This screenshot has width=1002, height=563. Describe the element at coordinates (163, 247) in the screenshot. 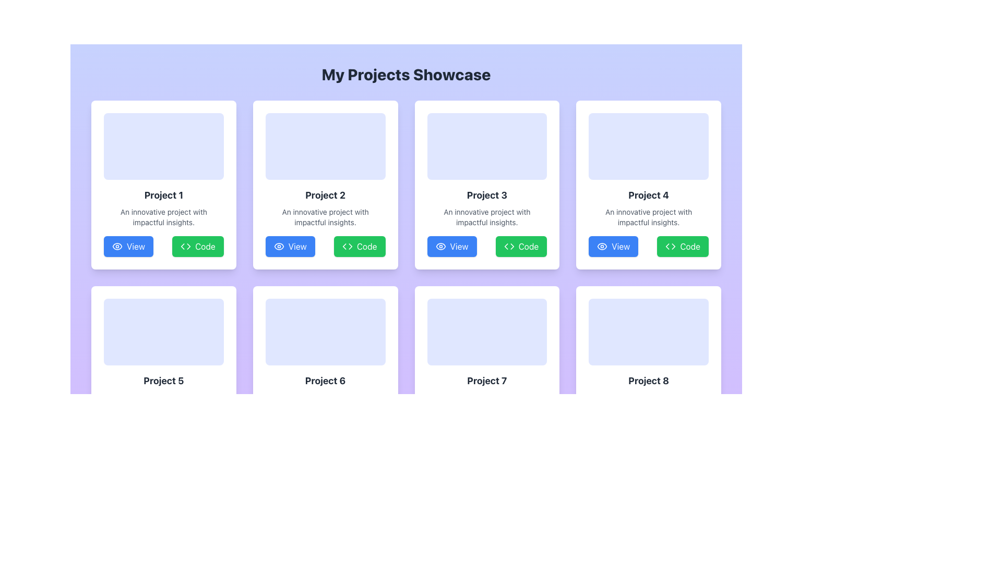

I see `the 'Code' button, which is part of the composite UI component with two buttons and a decorative dot, located in the bottom section of the 'Project 1' card` at that location.